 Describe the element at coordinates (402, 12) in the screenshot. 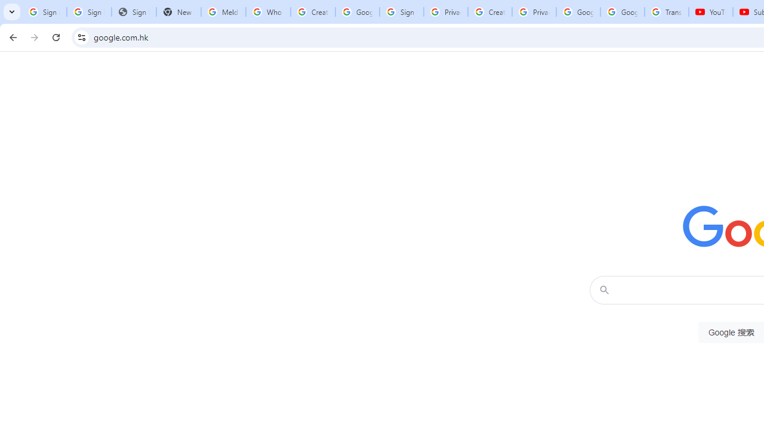

I see `'Sign in - Google Accounts'` at that location.